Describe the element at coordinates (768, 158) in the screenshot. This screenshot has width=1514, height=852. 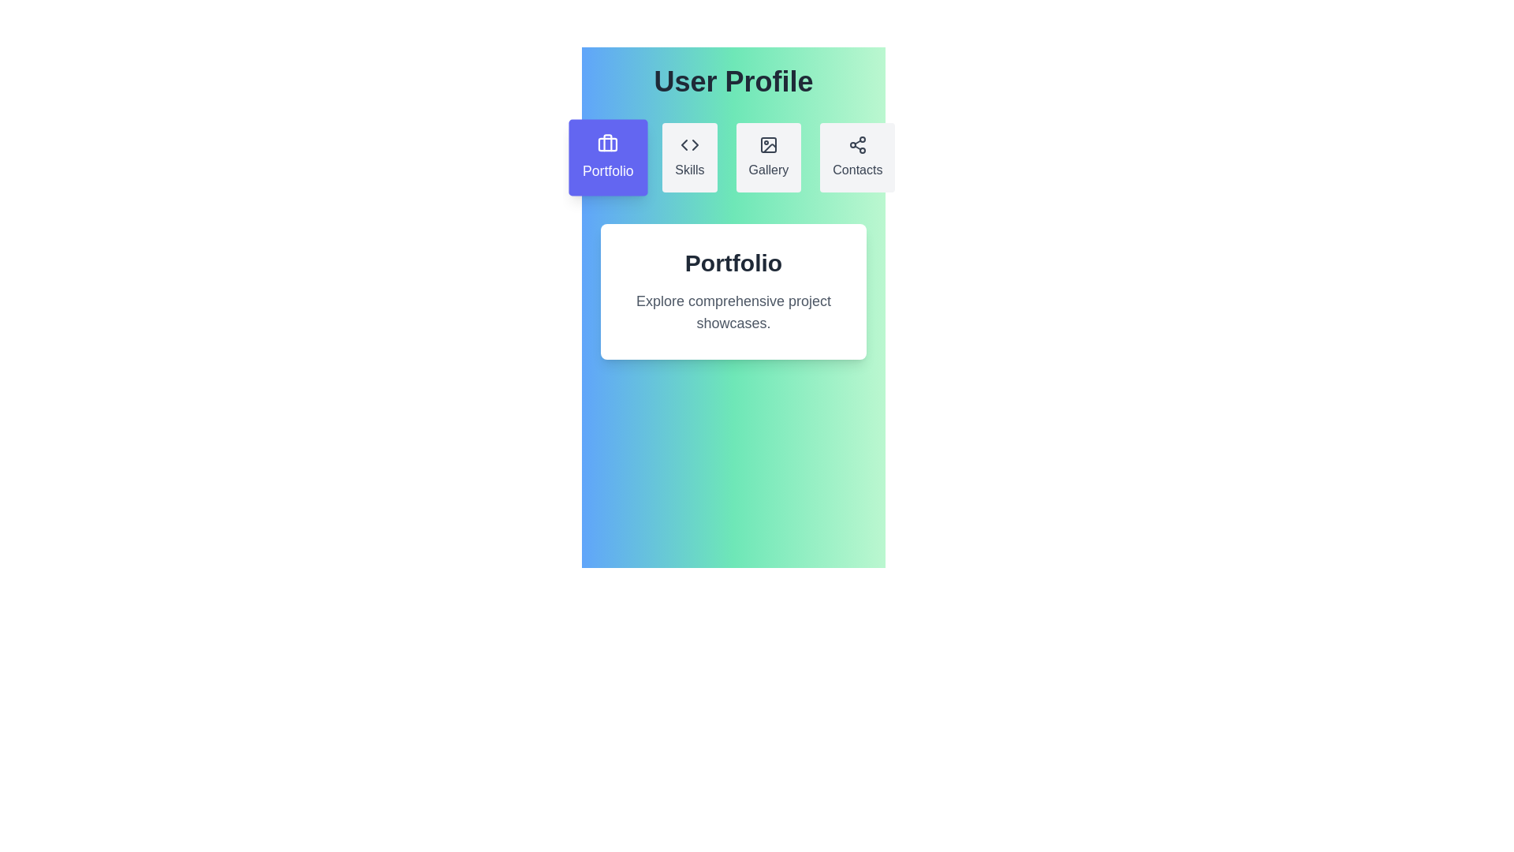
I see `the tab labeled Gallery to see its hover effect` at that location.